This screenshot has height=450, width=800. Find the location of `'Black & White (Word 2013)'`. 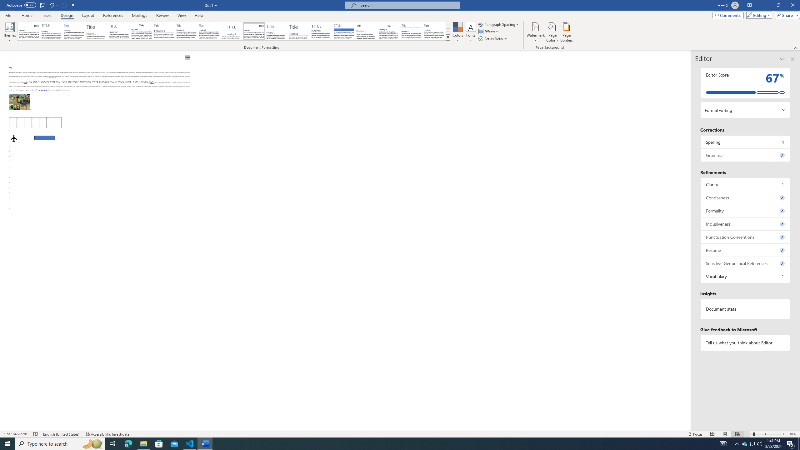

'Black & White (Word 2013)' is located at coordinates (186, 31).